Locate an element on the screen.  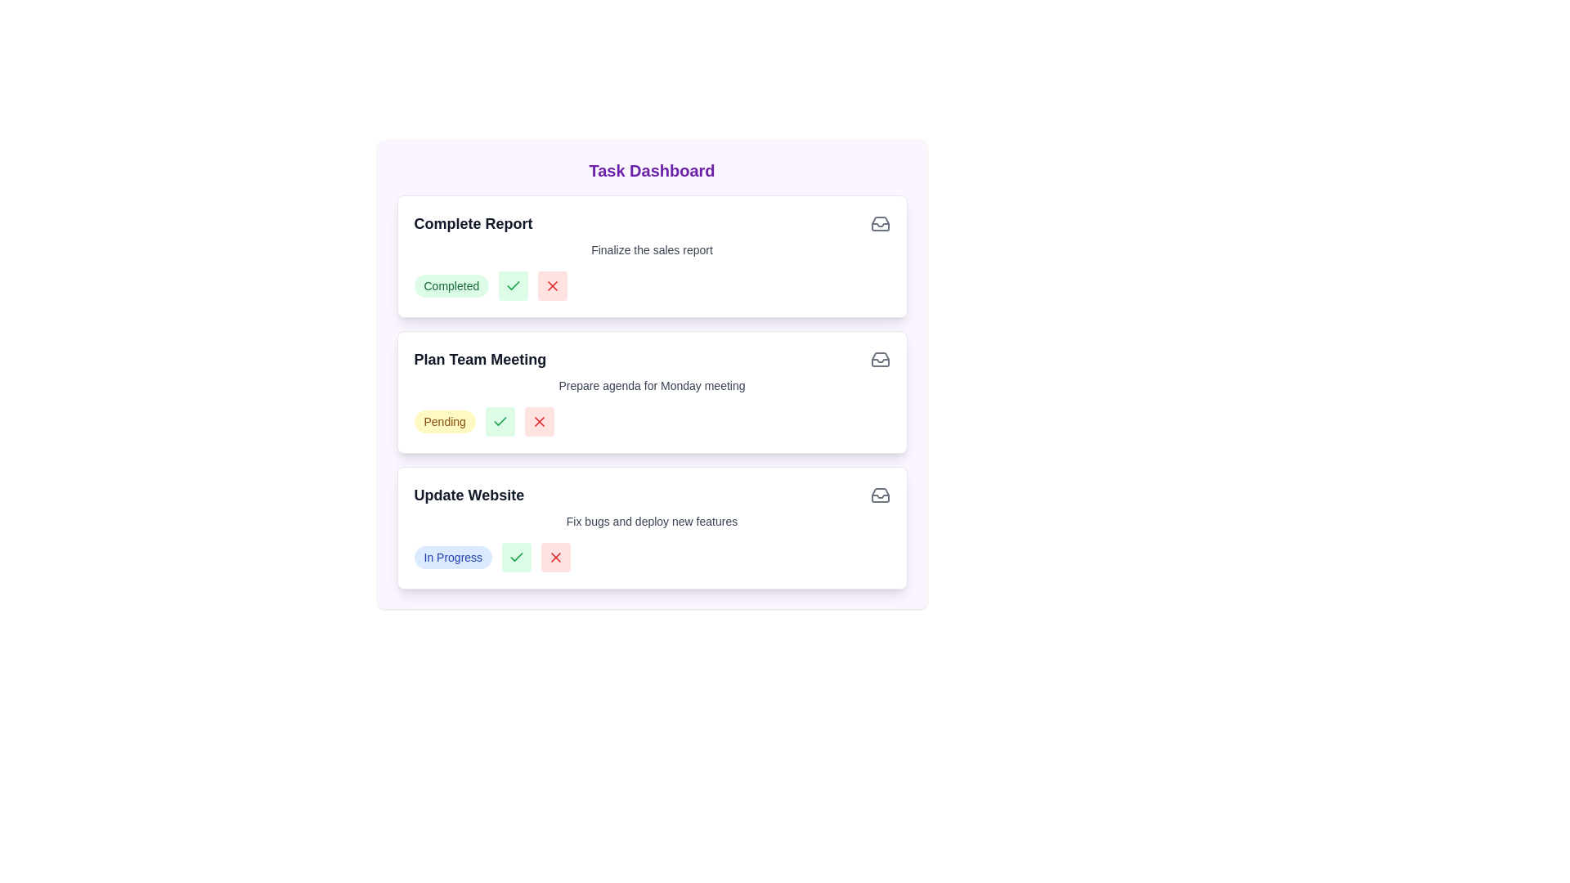
'Completed' button for the task titled Update Website is located at coordinates (516, 557).